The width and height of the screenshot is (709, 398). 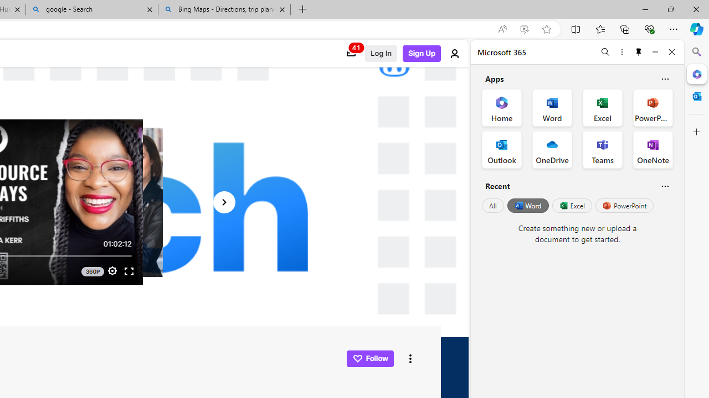 What do you see at coordinates (492, 206) in the screenshot?
I see `'All'` at bounding box center [492, 206].